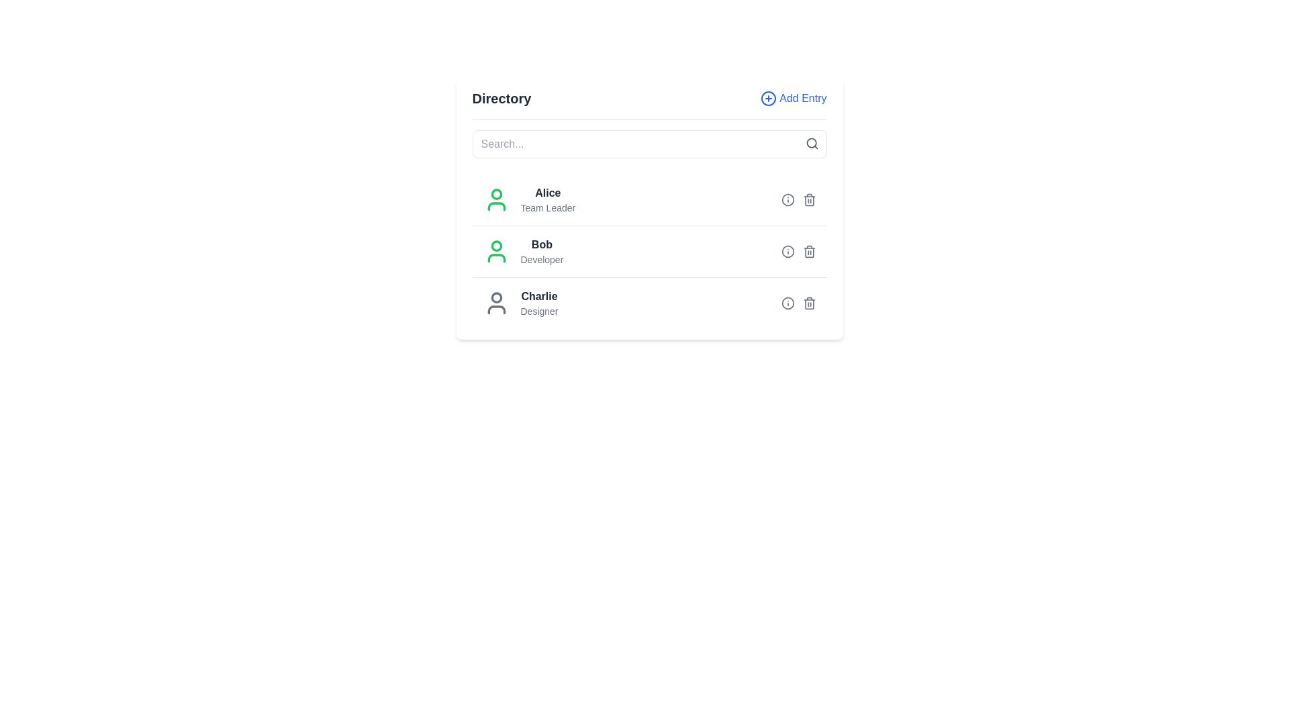  Describe the element at coordinates (542, 245) in the screenshot. I see `the text label displaying the name 'Bob' in bold font and dark gray color, which is part of a user entry structure` at that location.